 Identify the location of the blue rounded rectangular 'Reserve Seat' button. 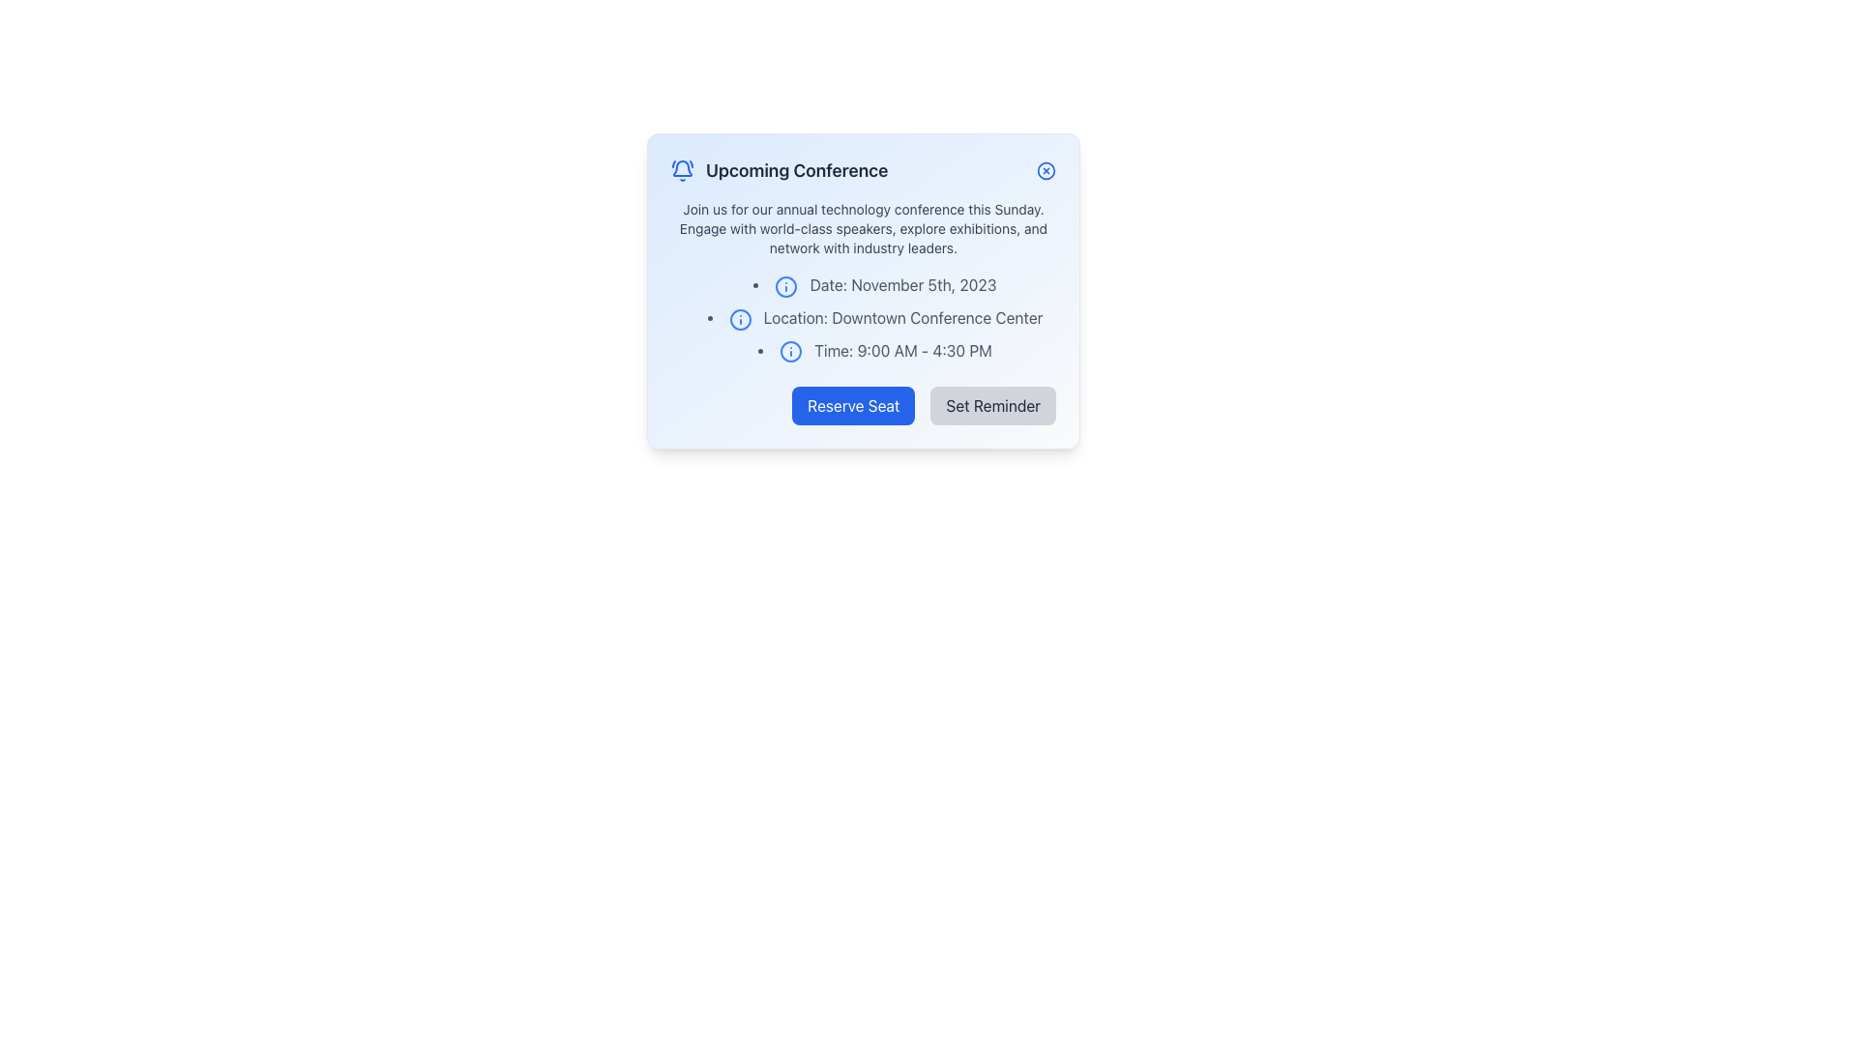
(862, 405).